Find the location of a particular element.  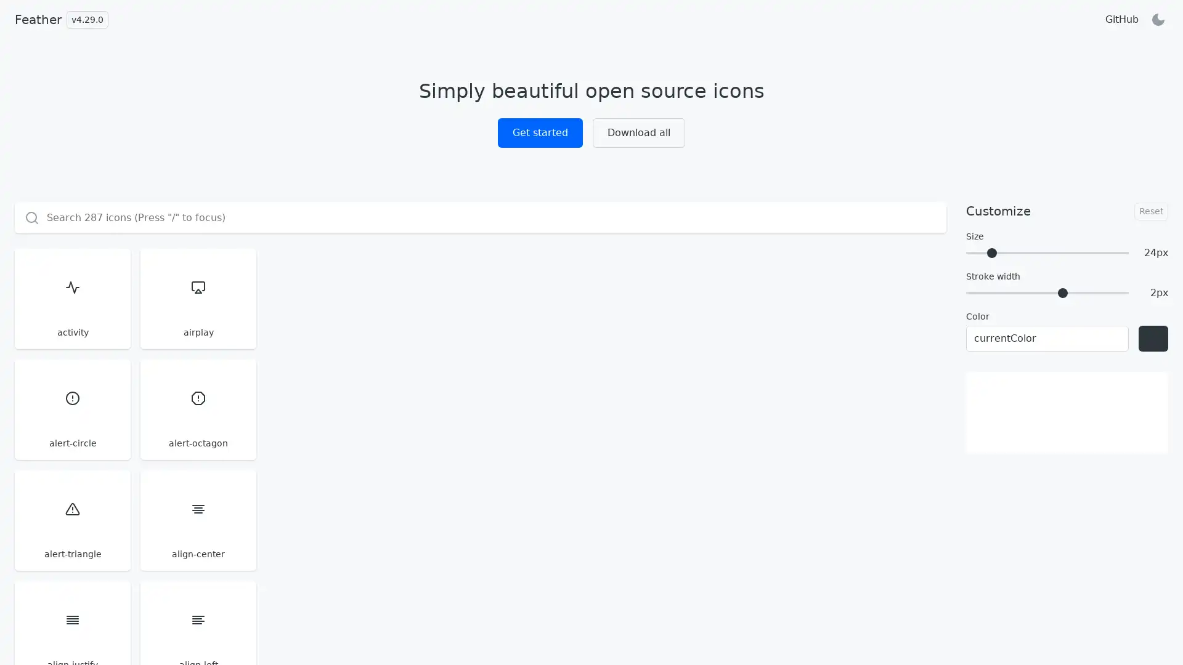

award is located at coordinates (794, 520).